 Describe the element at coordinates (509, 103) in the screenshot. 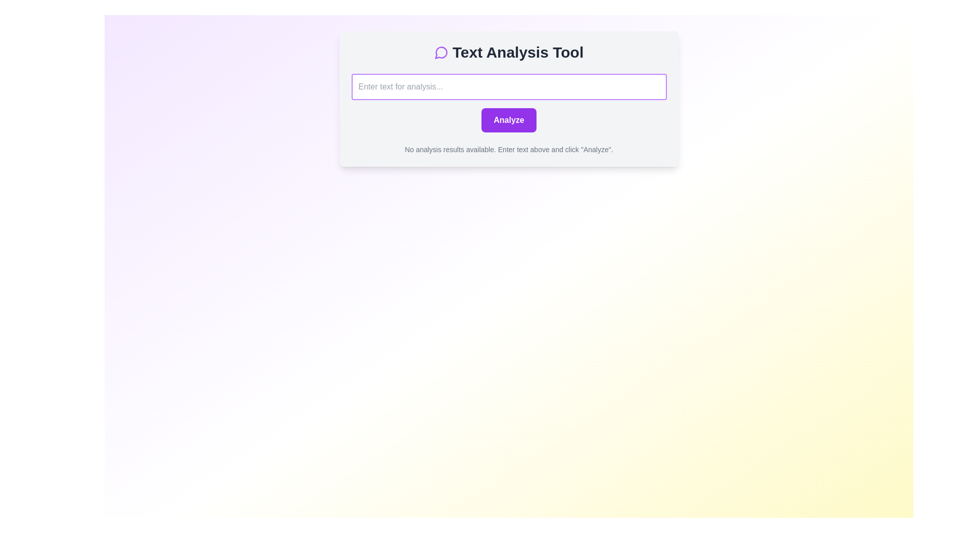

I see `the 'Analyze' button located beneath the text input field in the Text Analysis Tool element` at that location.